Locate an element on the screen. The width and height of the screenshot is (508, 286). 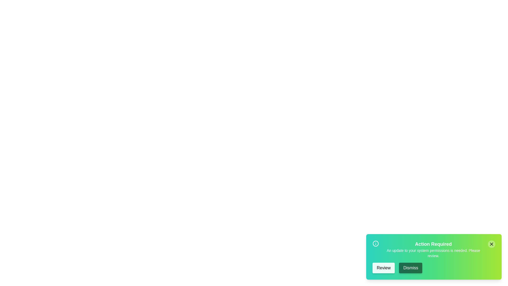
the close button to dismiss the snackbar is located at coordinates (491, 244).